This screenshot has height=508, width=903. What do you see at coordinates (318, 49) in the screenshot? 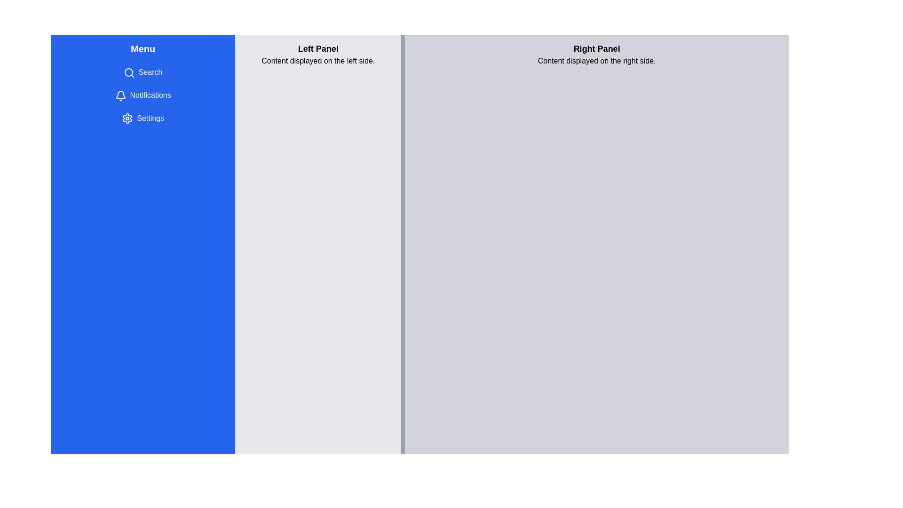
I see `bold, large-sized text label that reads 'Left Panel', positioned at the top of the left content area of the UI` at bounding box center [318, 49].